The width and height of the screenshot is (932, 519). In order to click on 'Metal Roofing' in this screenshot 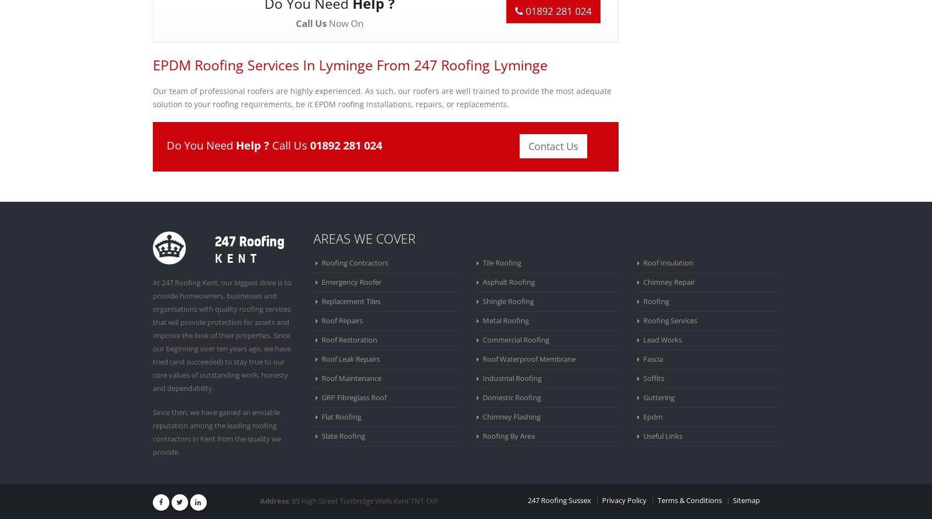, I will do `click(505, 319)`.